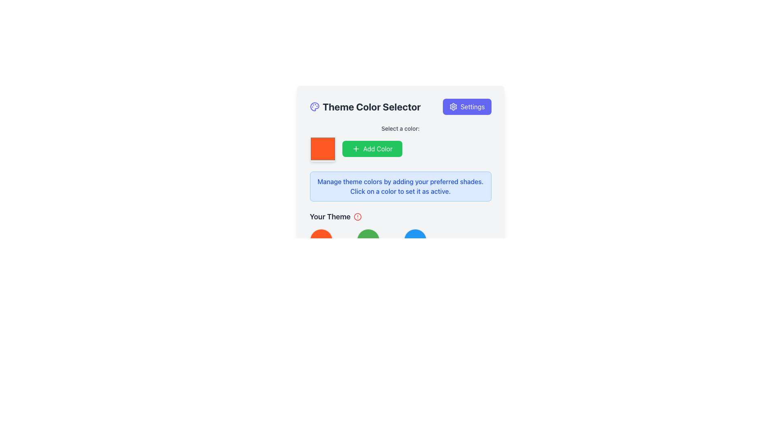  Describe the element at coordinates (356, 148) in the screenshot. I see `the 'Add Color' button, which includes a decorative icon symbolizing the addition operation` at that location.